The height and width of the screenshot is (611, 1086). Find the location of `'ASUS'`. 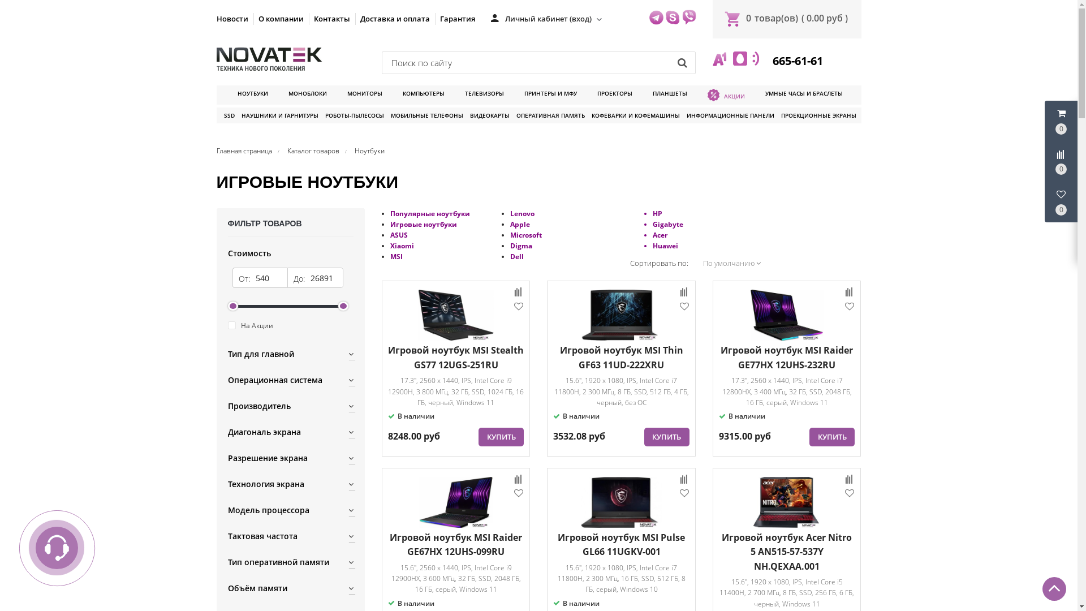

'ASUS' is located at coordinates (399, 234).